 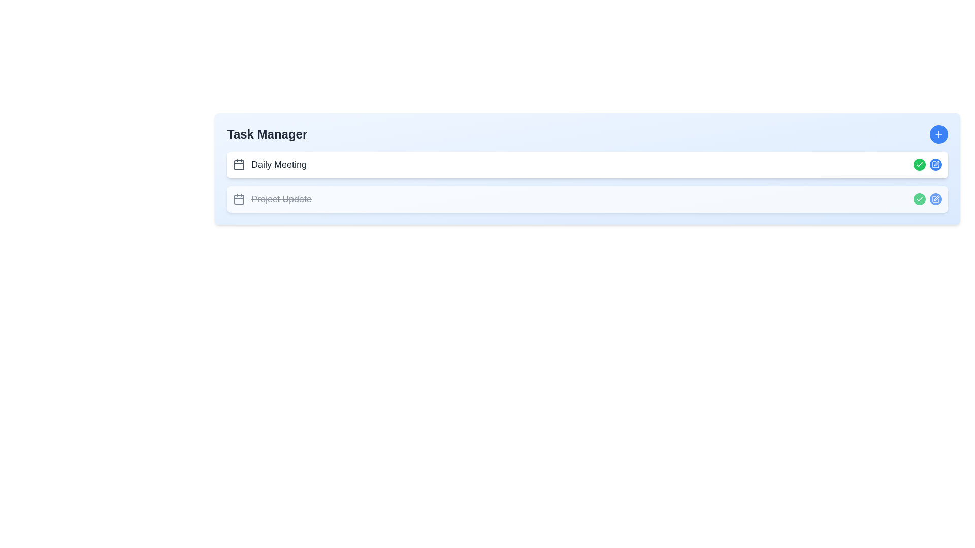 I want to click on the circular blue 'Add' icon located in the top-right corner of the task list interface, so click(x=938, y=134).